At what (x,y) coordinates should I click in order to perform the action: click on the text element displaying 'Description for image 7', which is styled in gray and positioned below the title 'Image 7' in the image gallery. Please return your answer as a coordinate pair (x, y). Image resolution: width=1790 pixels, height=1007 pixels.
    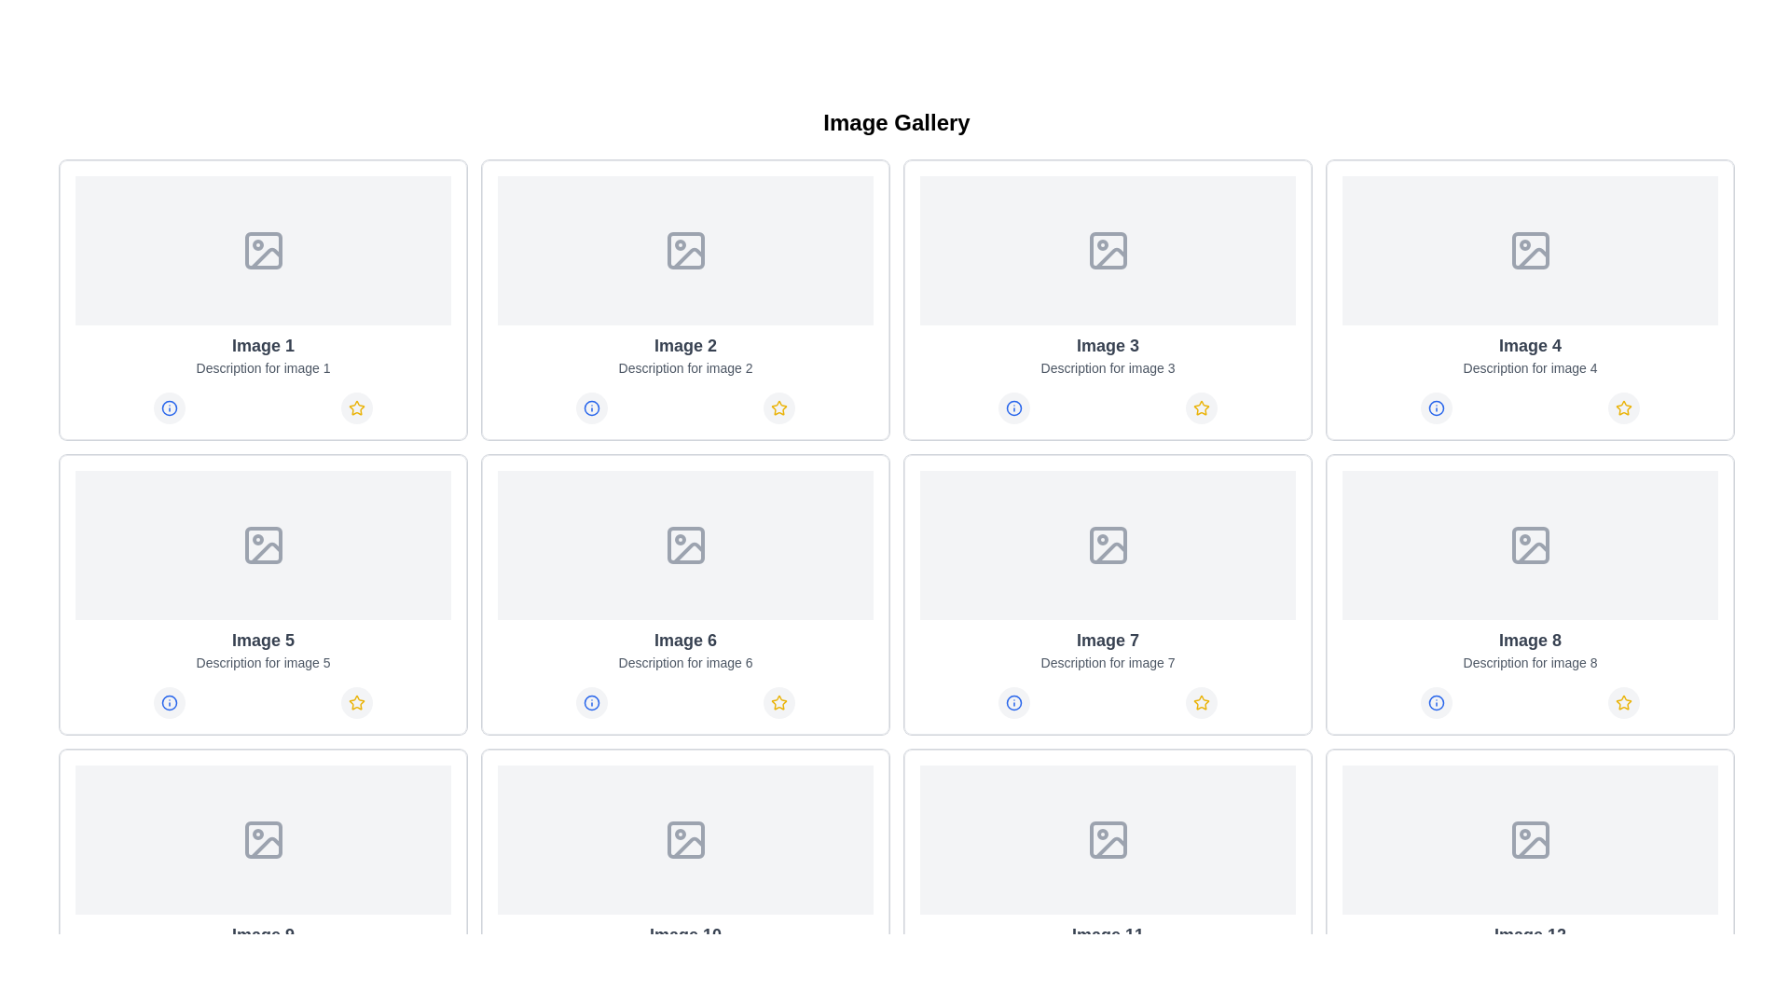
    Looking at the image, I should click on (1108, 661).